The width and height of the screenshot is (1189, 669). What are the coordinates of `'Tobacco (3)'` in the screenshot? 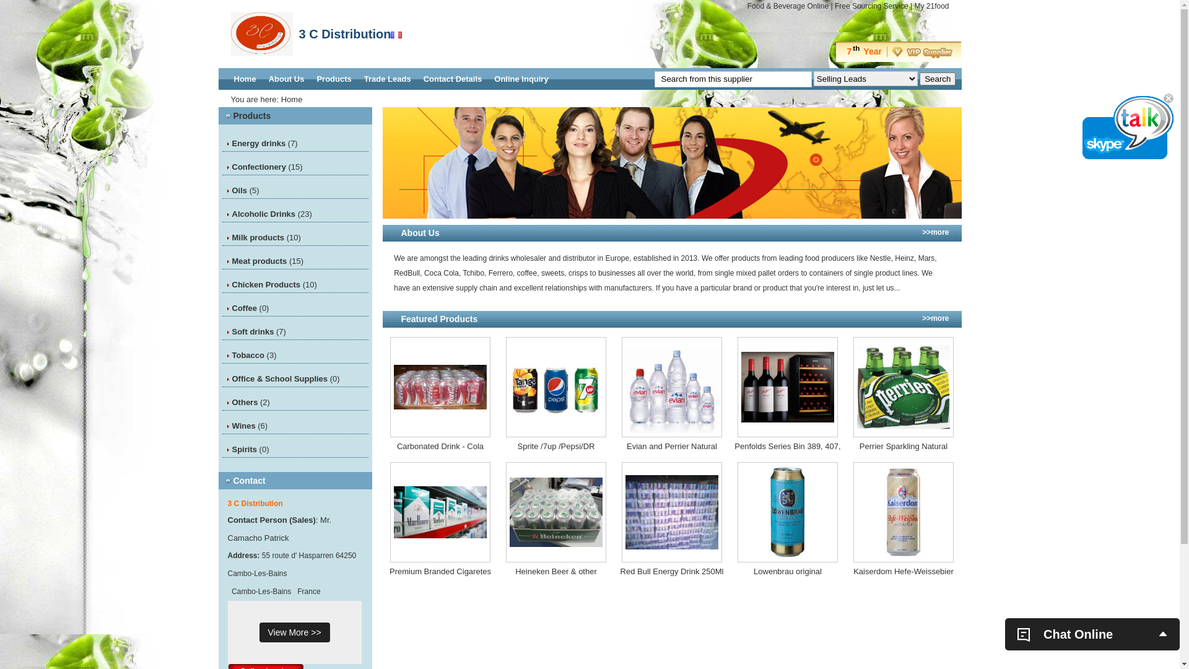 It's located at (253, 355).